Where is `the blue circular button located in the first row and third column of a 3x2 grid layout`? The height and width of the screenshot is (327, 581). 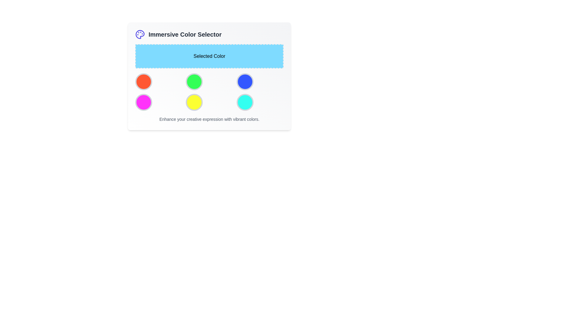
the blue circular button located in the first row and third column of a 3x2 grid layout is located at coordinates (245, 82).